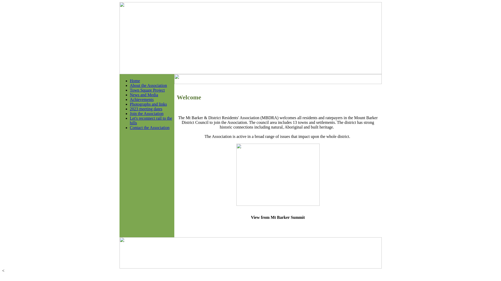 Image resolution: width=501 pixels, height=281 pixels. What do you see at coordinates (130, 85) in the screenshot?
I see `'About the Association'` at bounding box center [130, 85].